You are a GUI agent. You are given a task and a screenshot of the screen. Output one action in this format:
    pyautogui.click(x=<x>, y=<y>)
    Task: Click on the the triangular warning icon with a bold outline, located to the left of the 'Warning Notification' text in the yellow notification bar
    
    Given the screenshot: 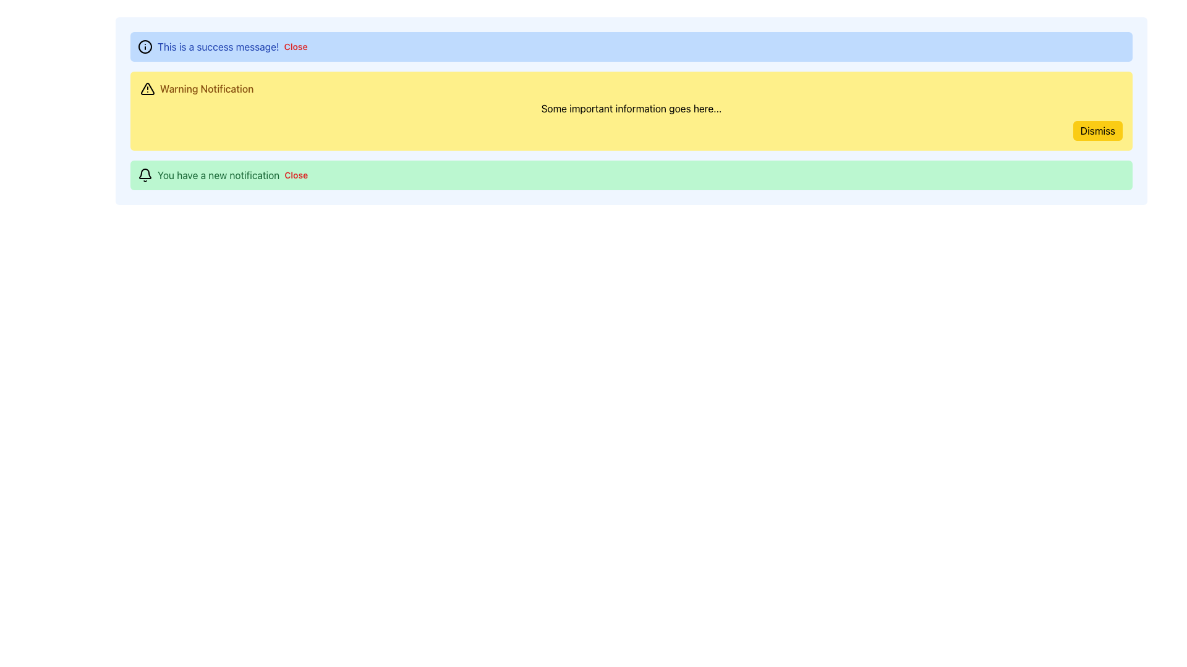 What is the action you would take?
    pyautogui.click(x=148, y=88)
    